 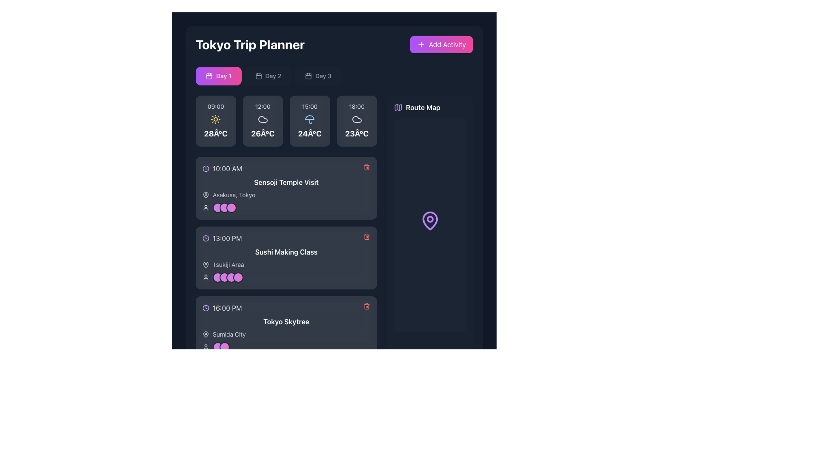 I want to click on time displayed in the text label indicating 13:00 PM, which is located in the second planned event entry next to a clock icon, so click(x=227, y=238).